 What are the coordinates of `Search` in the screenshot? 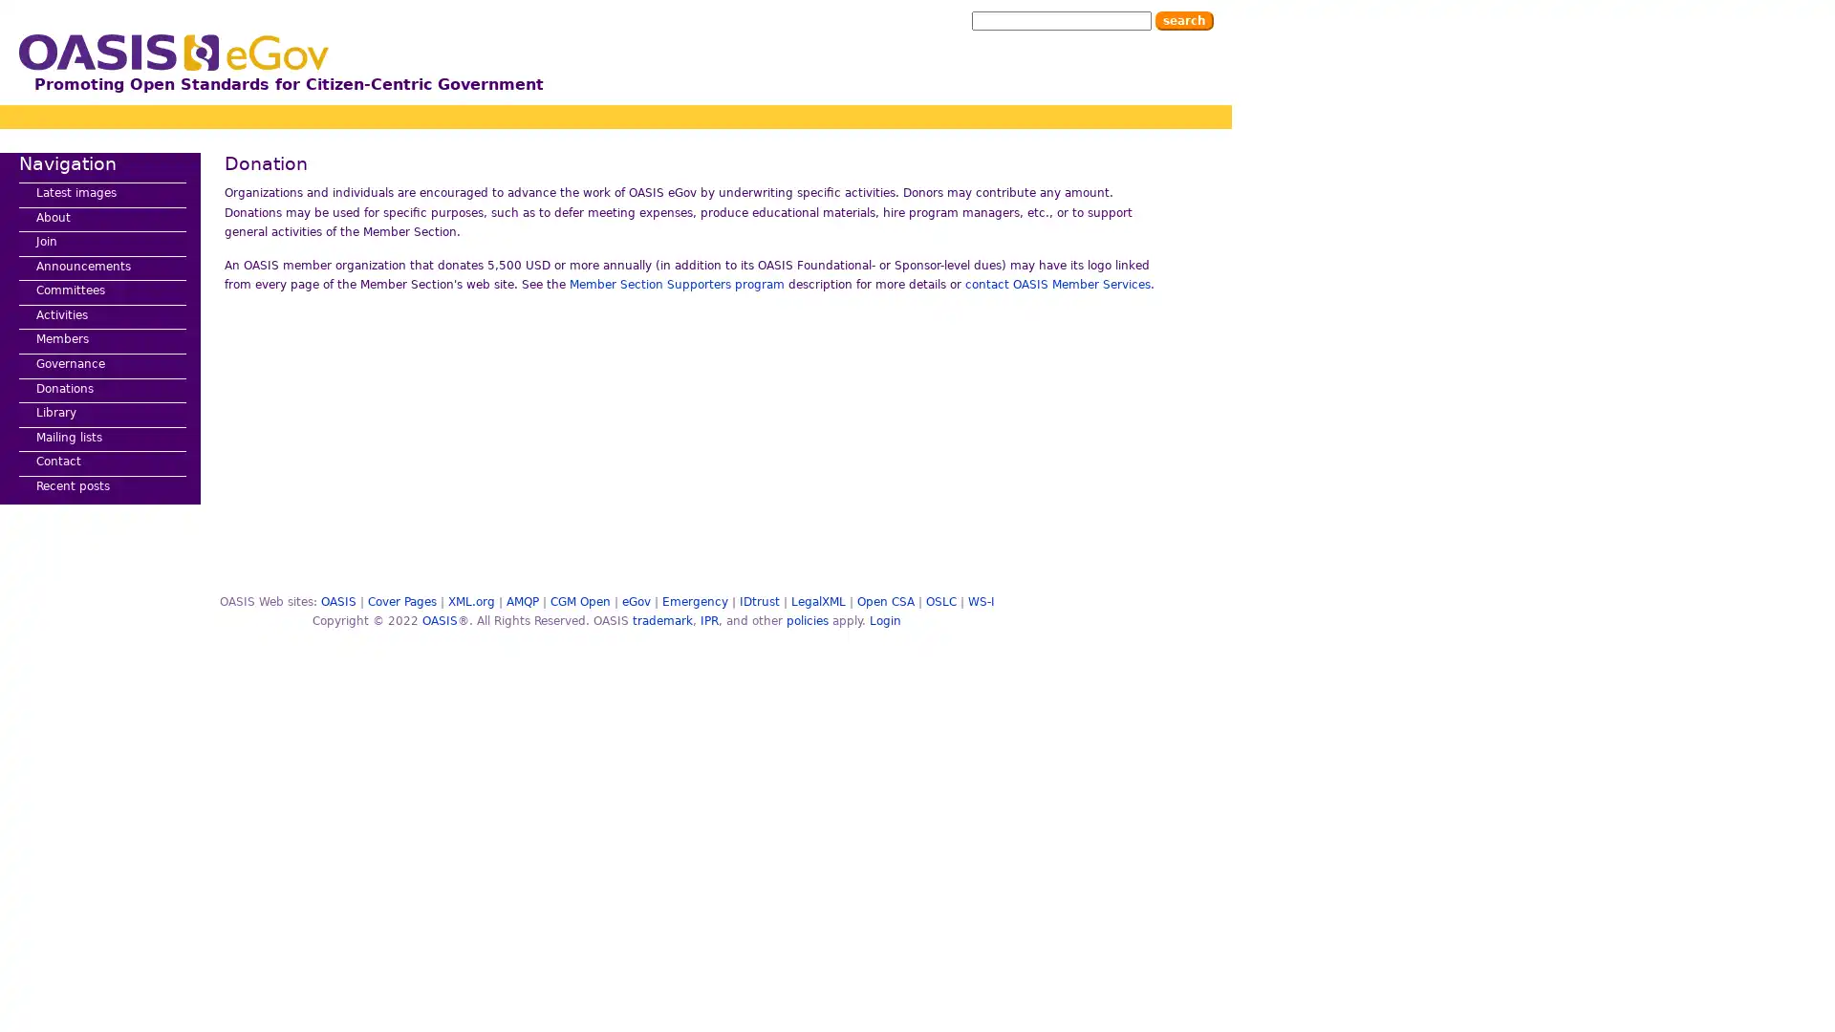 It's located at (1183, 21).